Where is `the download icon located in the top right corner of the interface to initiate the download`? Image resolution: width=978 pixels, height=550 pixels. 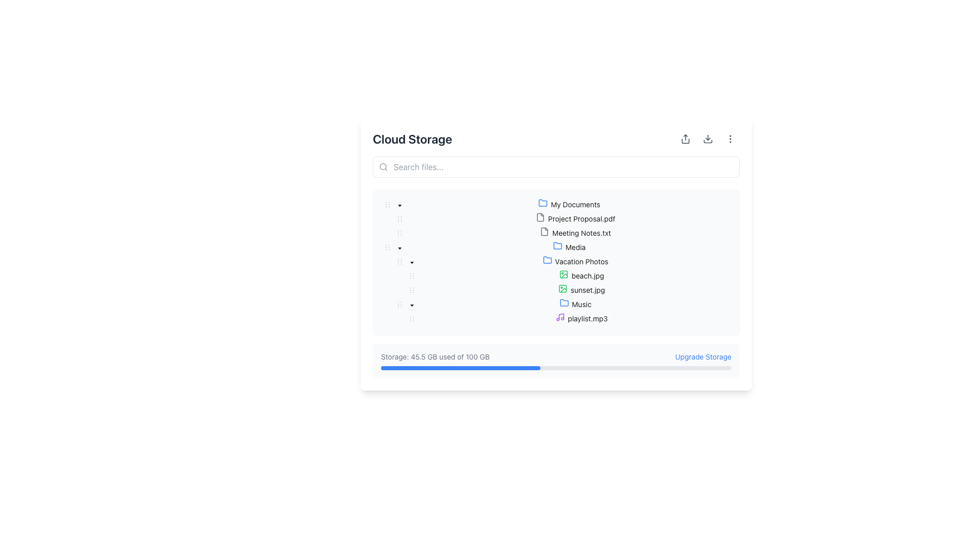
the download icon located in the top right corner of the interface to initiate the download is located at coordinates (708, 139).